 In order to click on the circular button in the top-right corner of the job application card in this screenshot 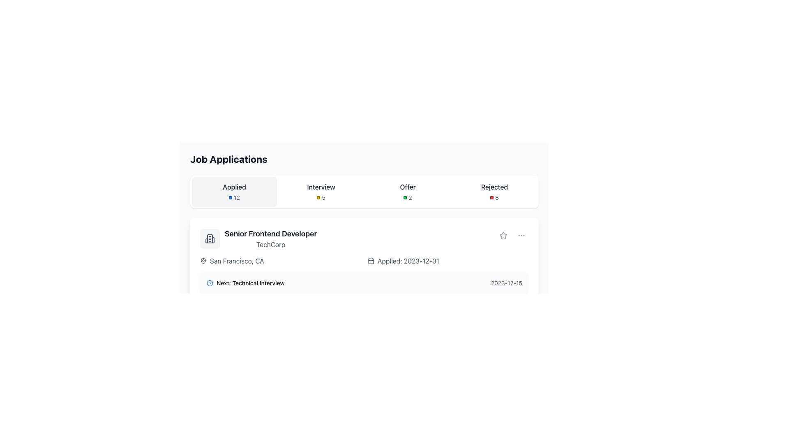, I will do `click(521, 236)`.